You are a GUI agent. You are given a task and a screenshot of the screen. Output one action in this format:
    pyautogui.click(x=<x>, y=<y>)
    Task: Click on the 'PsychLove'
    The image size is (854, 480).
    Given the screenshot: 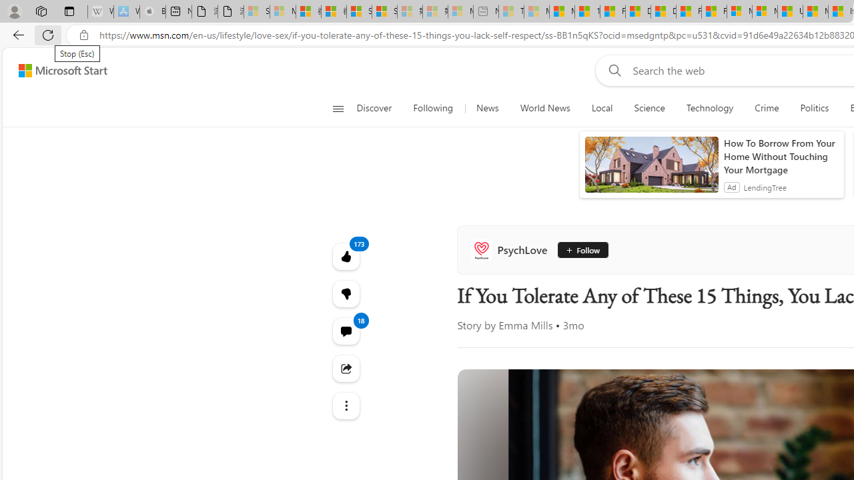 What is the action you would take?
    pyautogui.click(x=511, y=250)
    